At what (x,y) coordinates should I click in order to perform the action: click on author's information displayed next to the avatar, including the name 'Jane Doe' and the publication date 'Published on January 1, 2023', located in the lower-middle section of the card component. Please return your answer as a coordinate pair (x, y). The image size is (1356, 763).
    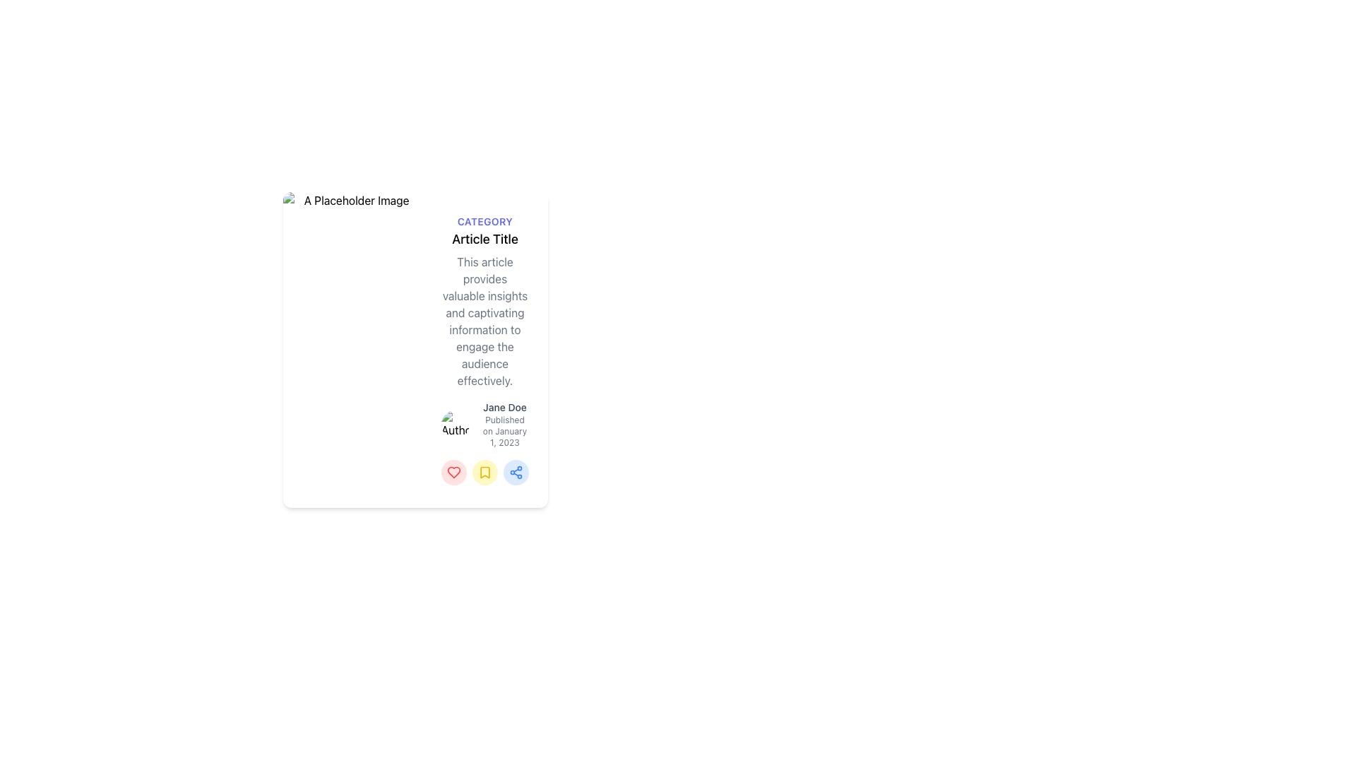
    Looking at the image, I should click on (484, 423).